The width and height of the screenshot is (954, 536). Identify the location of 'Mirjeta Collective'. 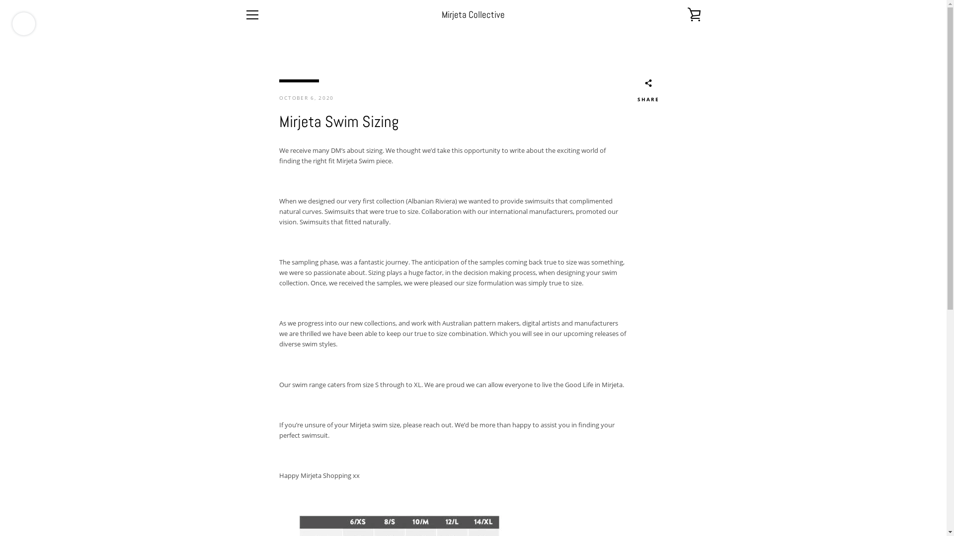
(494, 501).